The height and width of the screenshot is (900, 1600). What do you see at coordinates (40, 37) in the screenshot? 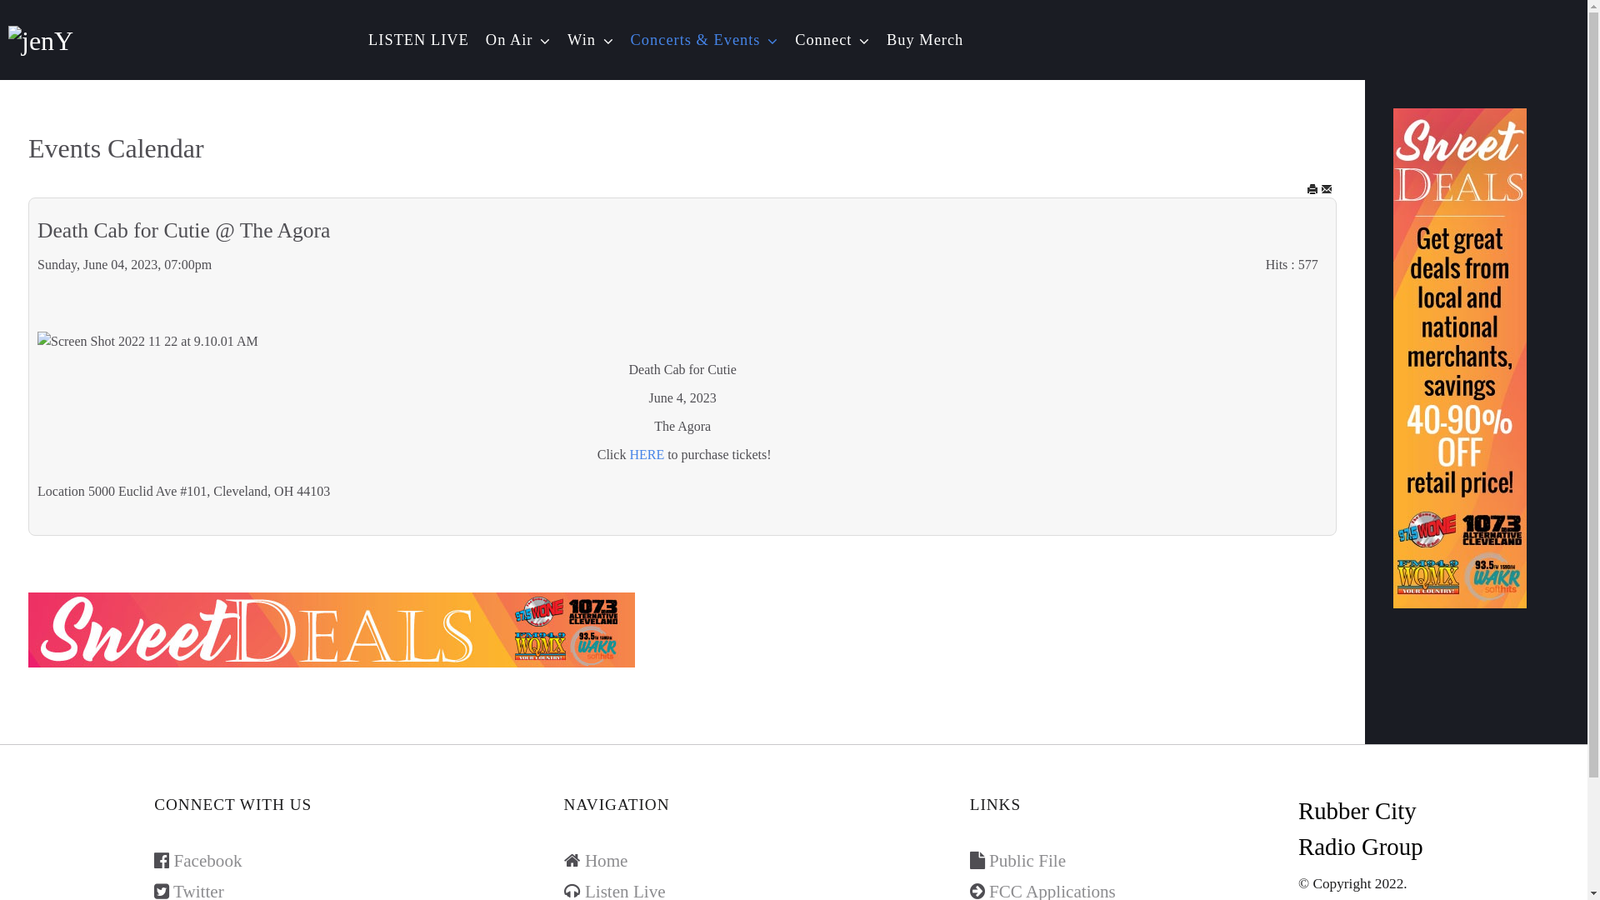
I see `'jenY'` at bounding box center [40, 37].